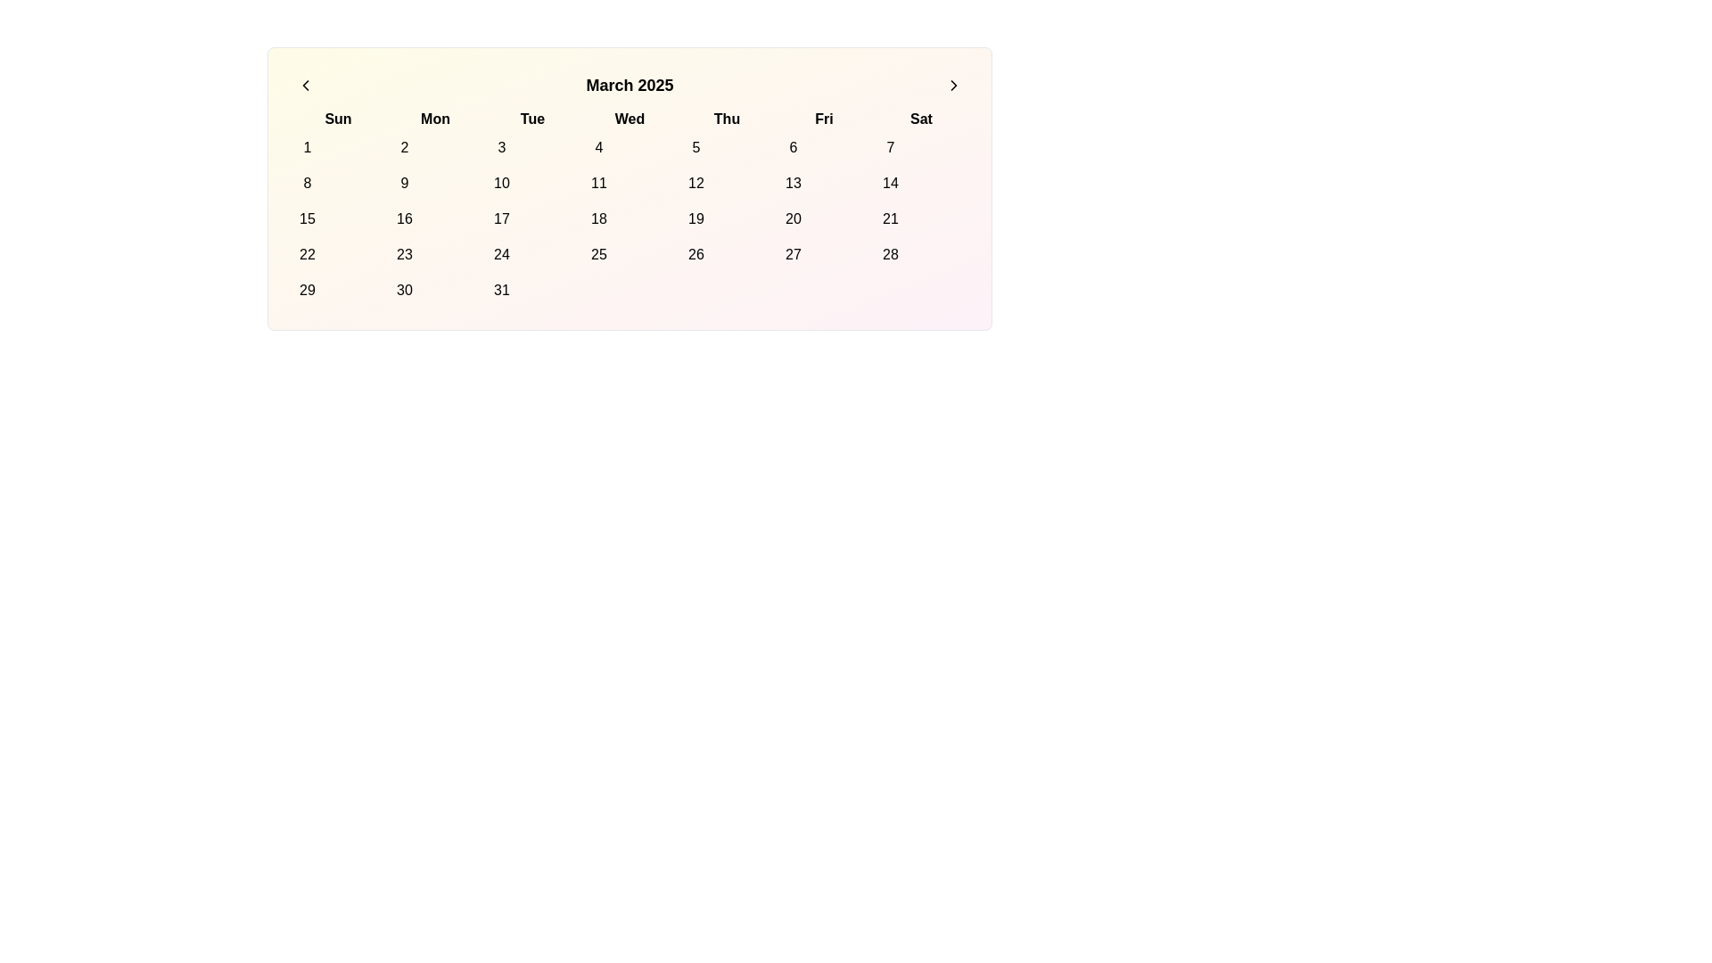 This screenshot has width=1712, height=963. What do you see at coordinates (305, 86) in the screenshot?
I see `the left-pointing chevron SVG icon, styled with a clean outline and class 'lucide-chevron-left', located in the top-left corner of the calendar widget` at bounding box center [305, 86].